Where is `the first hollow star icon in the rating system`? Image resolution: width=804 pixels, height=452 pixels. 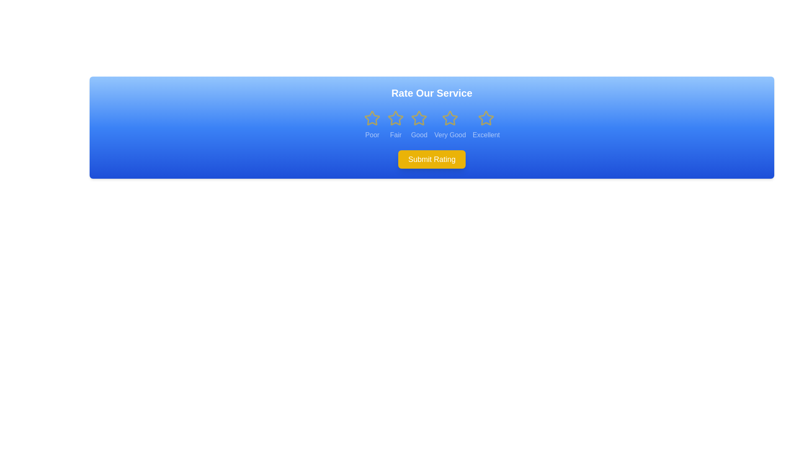 the first hollow star icon in the rating system is located at coordinates (372, 118).